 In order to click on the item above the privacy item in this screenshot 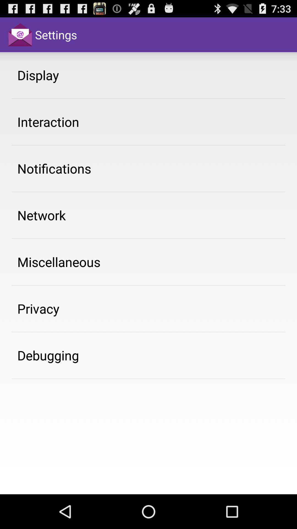, I will do `click(59, 261)`.